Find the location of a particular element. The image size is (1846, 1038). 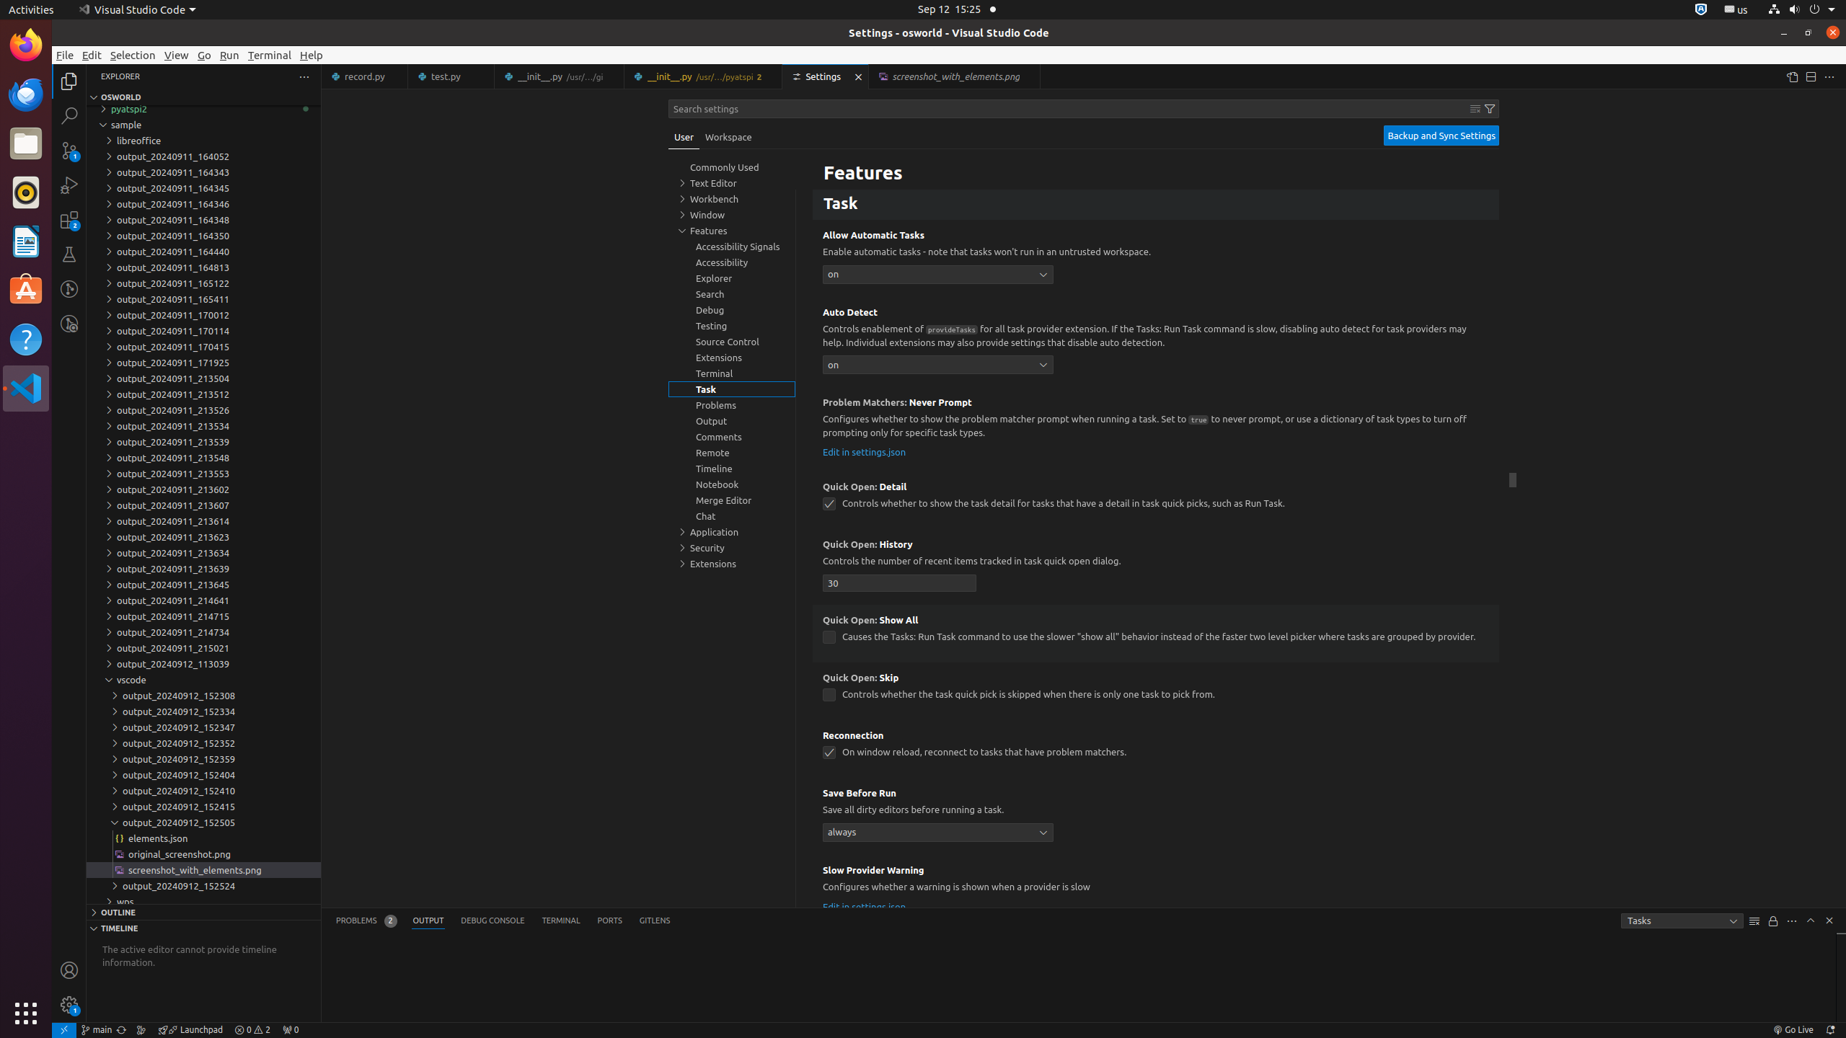

'output_20240911_213639' is located at coordinates (203, 568).